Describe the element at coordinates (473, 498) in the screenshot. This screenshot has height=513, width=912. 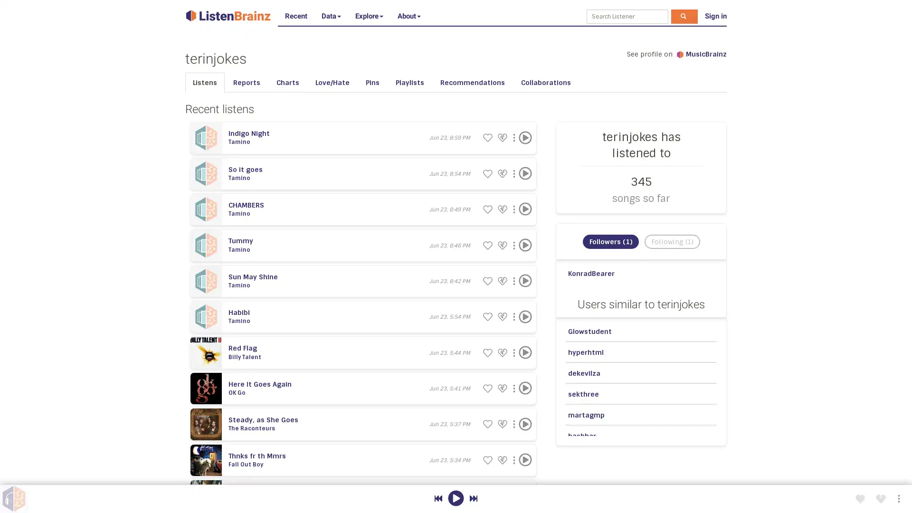
I see `Next` at that location.